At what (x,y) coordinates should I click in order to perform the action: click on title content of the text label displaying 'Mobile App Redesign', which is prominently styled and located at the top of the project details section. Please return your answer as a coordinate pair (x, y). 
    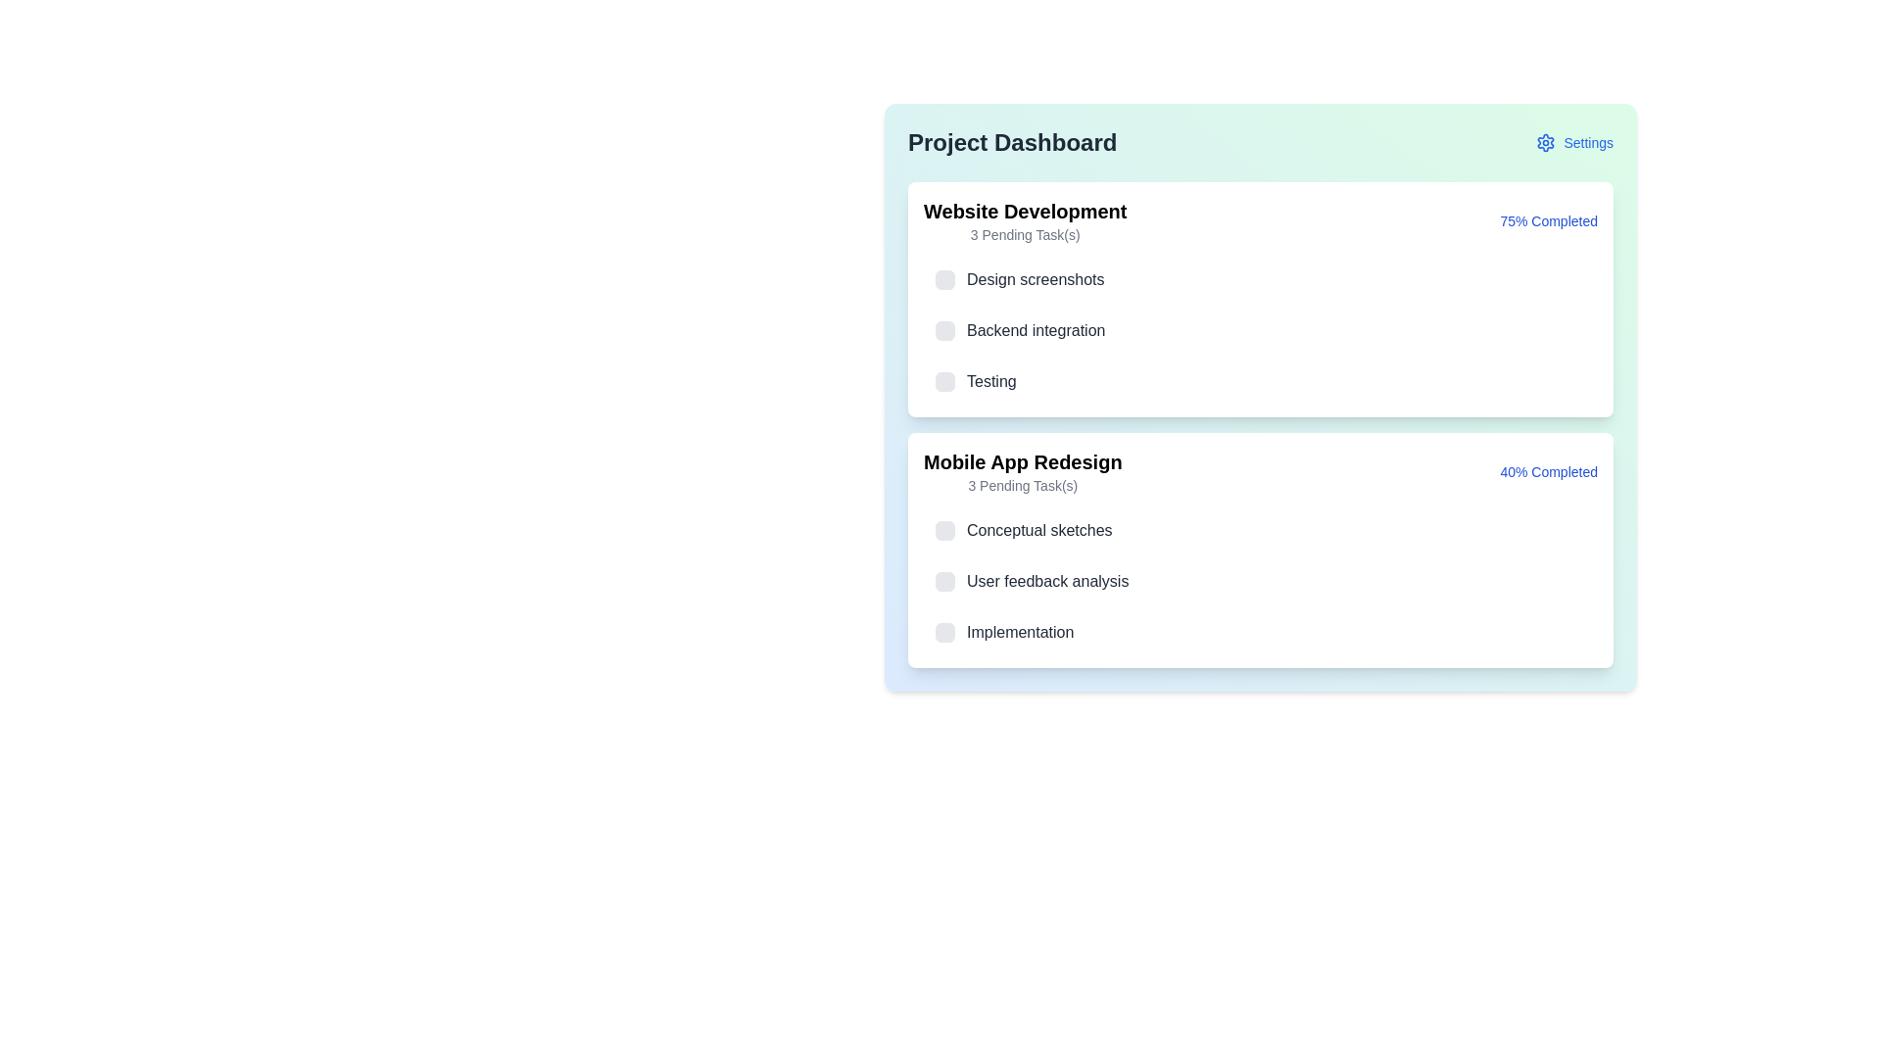
    Looking at the image, I should click on (1022, 461).